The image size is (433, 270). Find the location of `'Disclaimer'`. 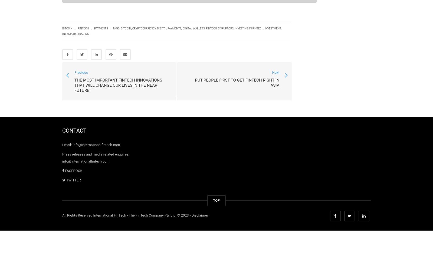

'Disclaimer' is located at coordinates (199, 215).